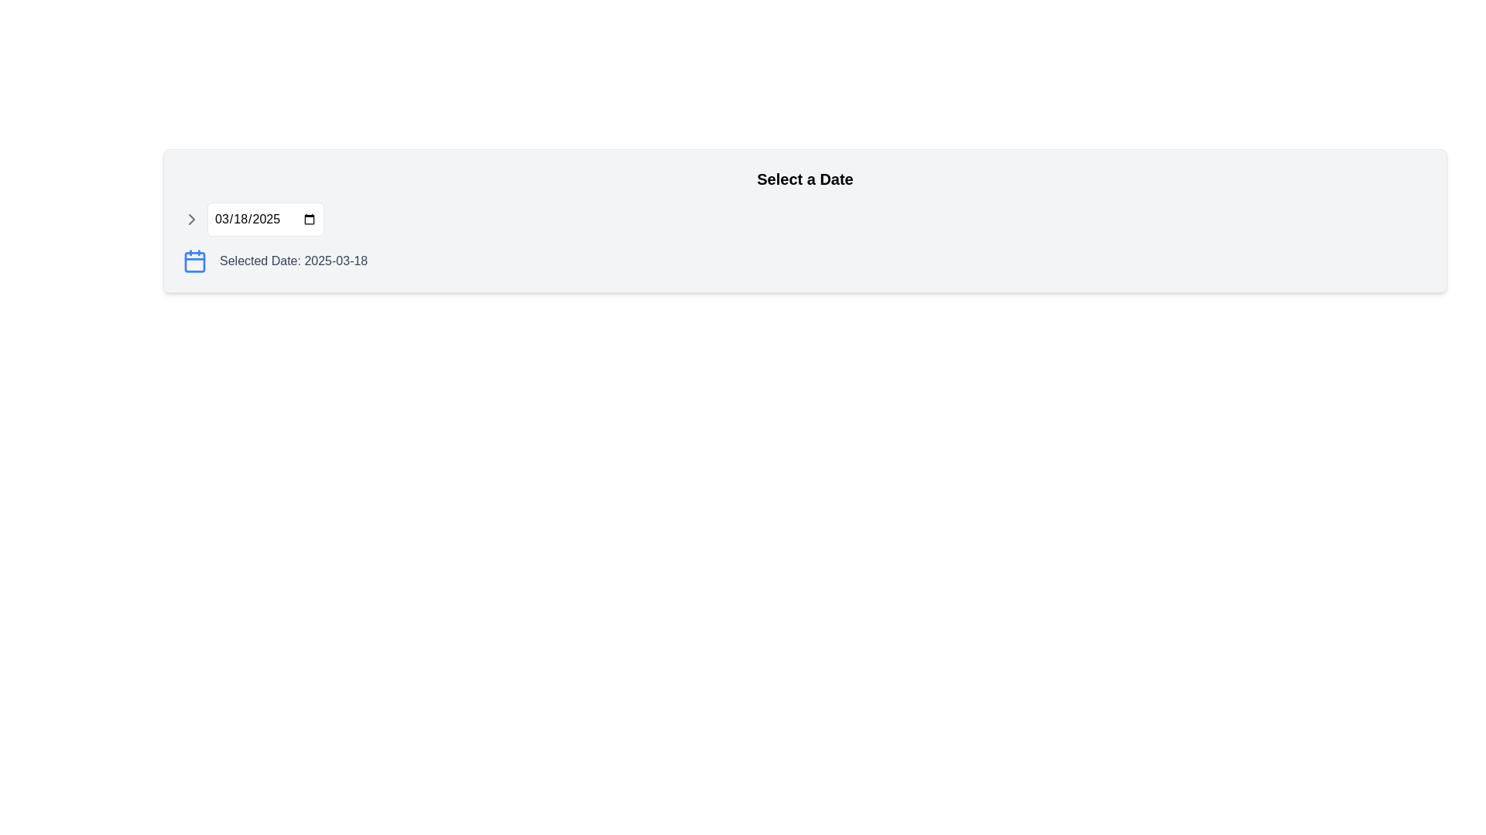 The height and width of the screenshot is (835, 1486). What do you see at coordinates (293, 261) in the screenshot?
I see `the static text display that shows the currently selected date '2025-03-18', which is located in the central-left region of the selection interface` at bounding box center [293, 261].